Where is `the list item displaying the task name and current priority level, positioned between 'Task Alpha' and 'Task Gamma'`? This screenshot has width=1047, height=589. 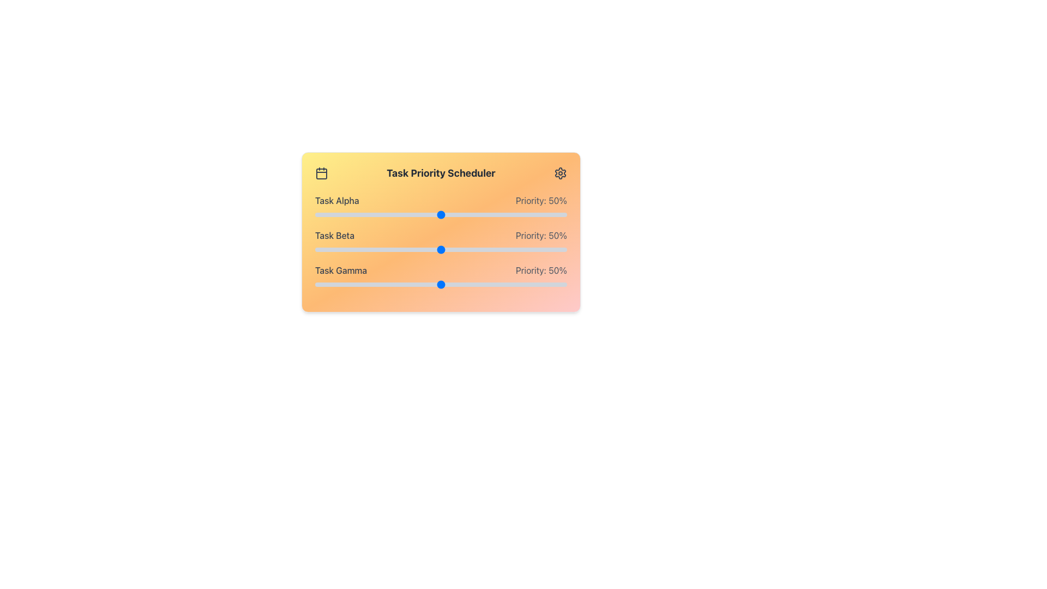
the list item displaying the task name and current priority level, positioned between 'Task Alpha' and 'Task Gamma' is located at coordinates (441, 235).